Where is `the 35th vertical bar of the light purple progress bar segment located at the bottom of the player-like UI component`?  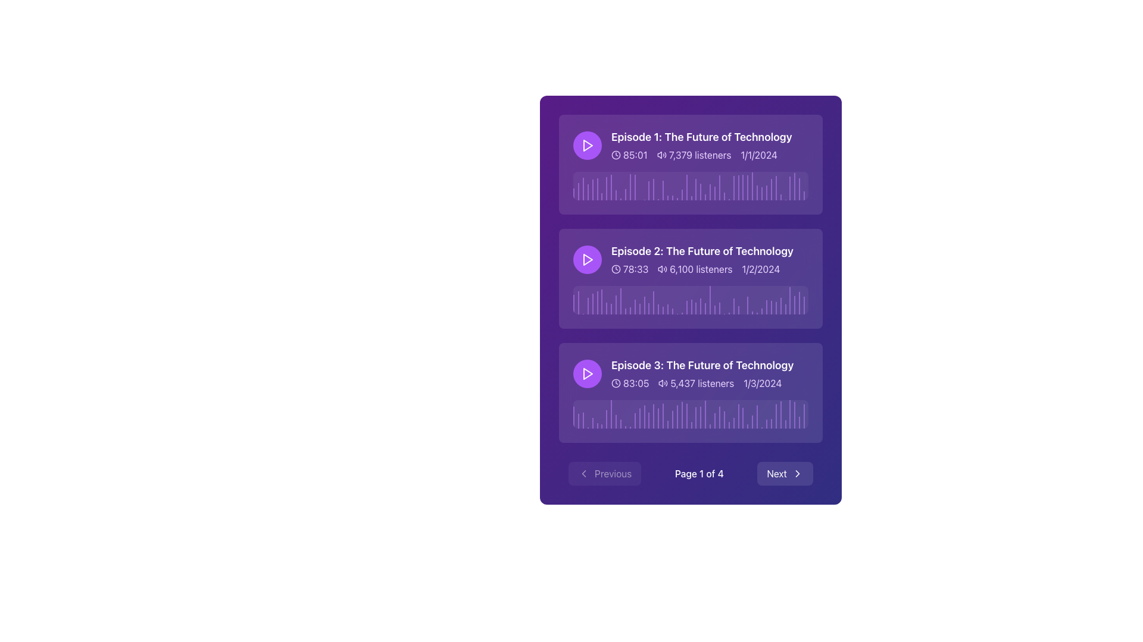
the 35th vertical bar of the light purple progress bar segment located at the bottom of the player-like UI component is located at coordinates (733, 422).